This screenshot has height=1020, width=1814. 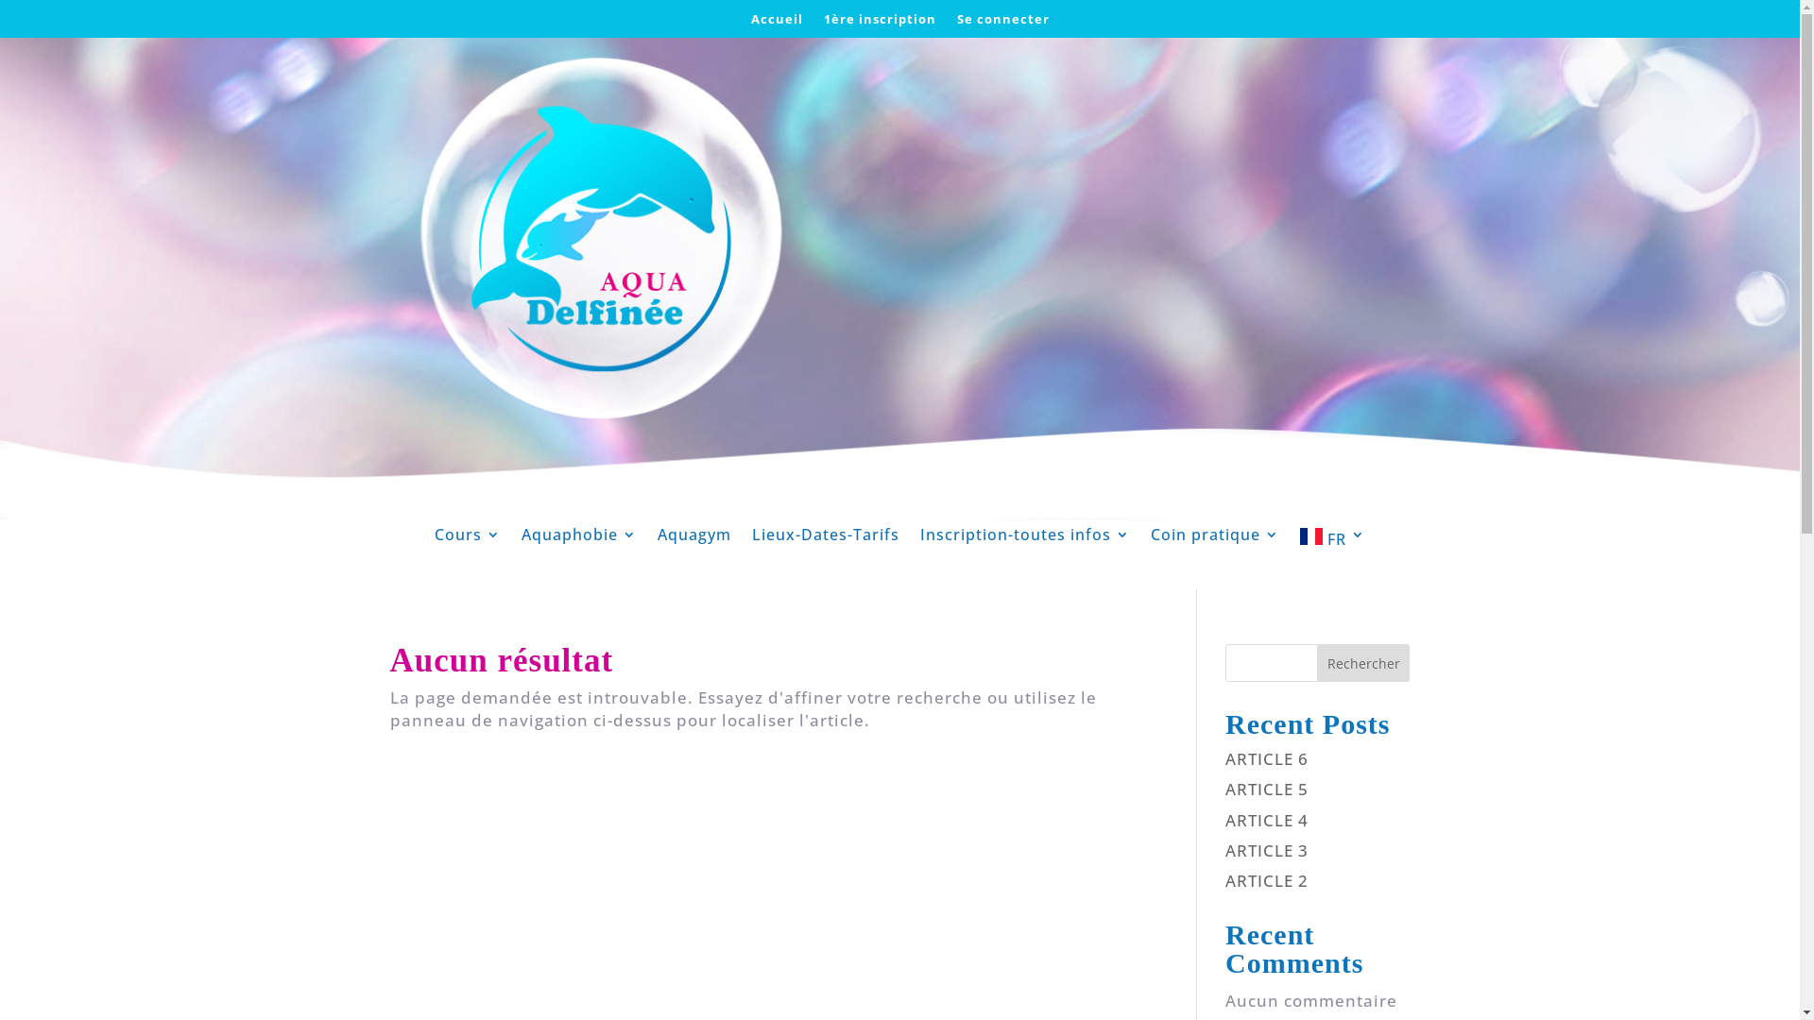 What do you see at coordinates (1001, 22) in the screenshot?
I see `'Se connecter'` at bounding box center [1001, 22].